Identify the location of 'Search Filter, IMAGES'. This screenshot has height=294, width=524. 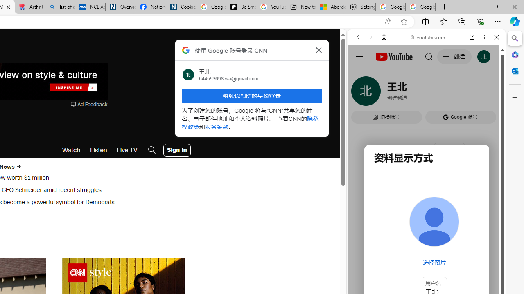
(384, 93).